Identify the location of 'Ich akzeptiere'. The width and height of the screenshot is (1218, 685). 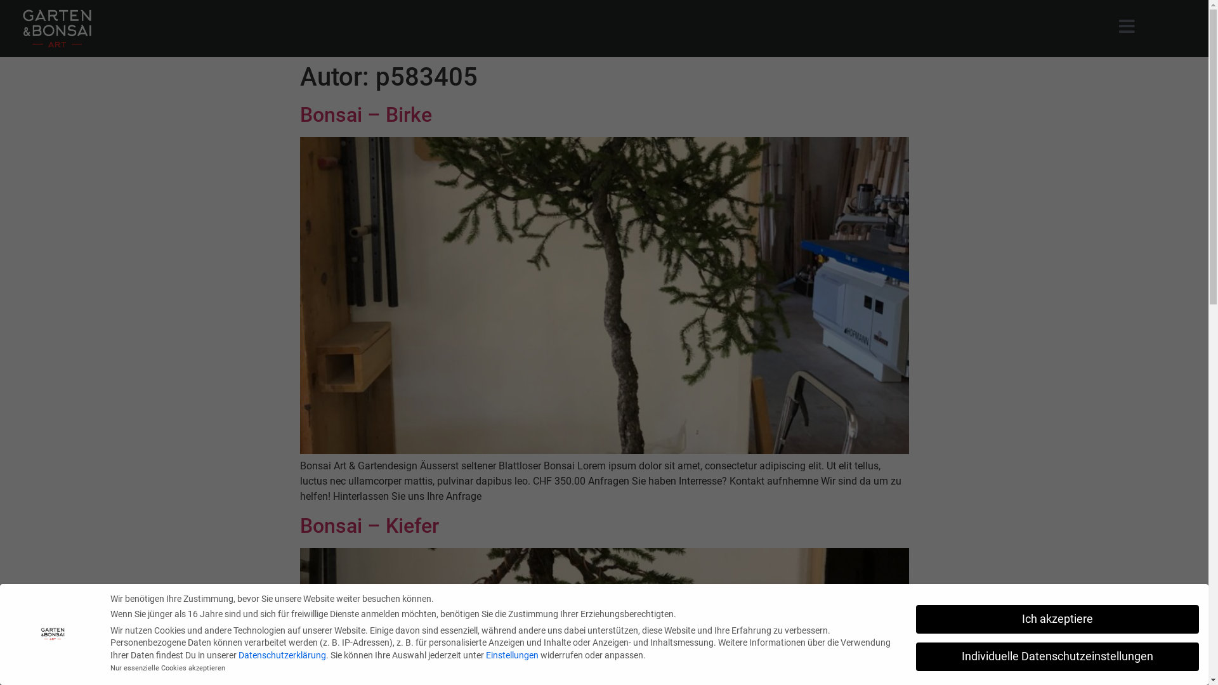
(1057, 618).